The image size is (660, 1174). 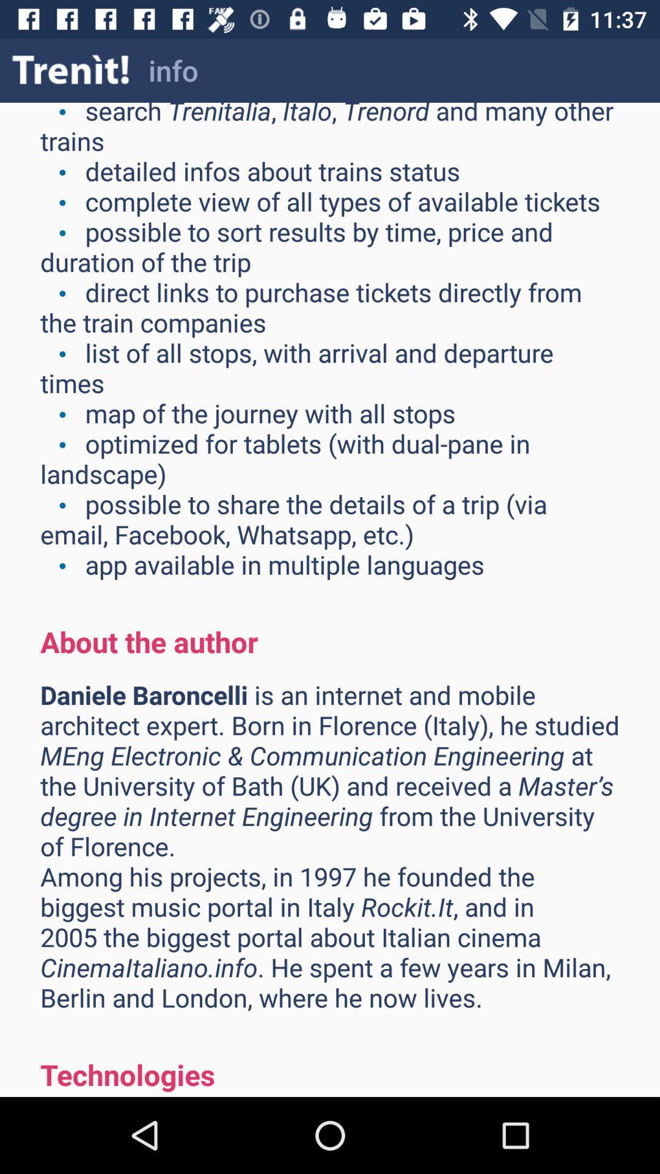 I want to click on icon to the left of info, so click(x=71, y=70).